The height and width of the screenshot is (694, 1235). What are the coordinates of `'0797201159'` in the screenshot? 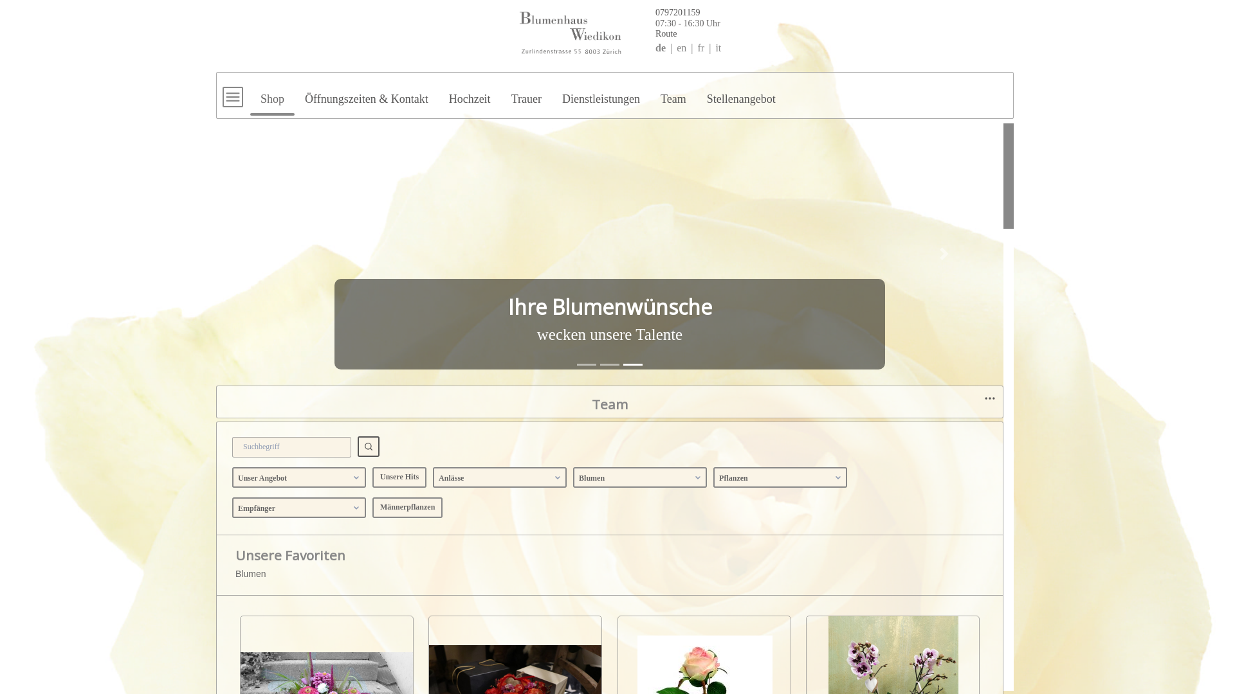 It's located at (622, 11).